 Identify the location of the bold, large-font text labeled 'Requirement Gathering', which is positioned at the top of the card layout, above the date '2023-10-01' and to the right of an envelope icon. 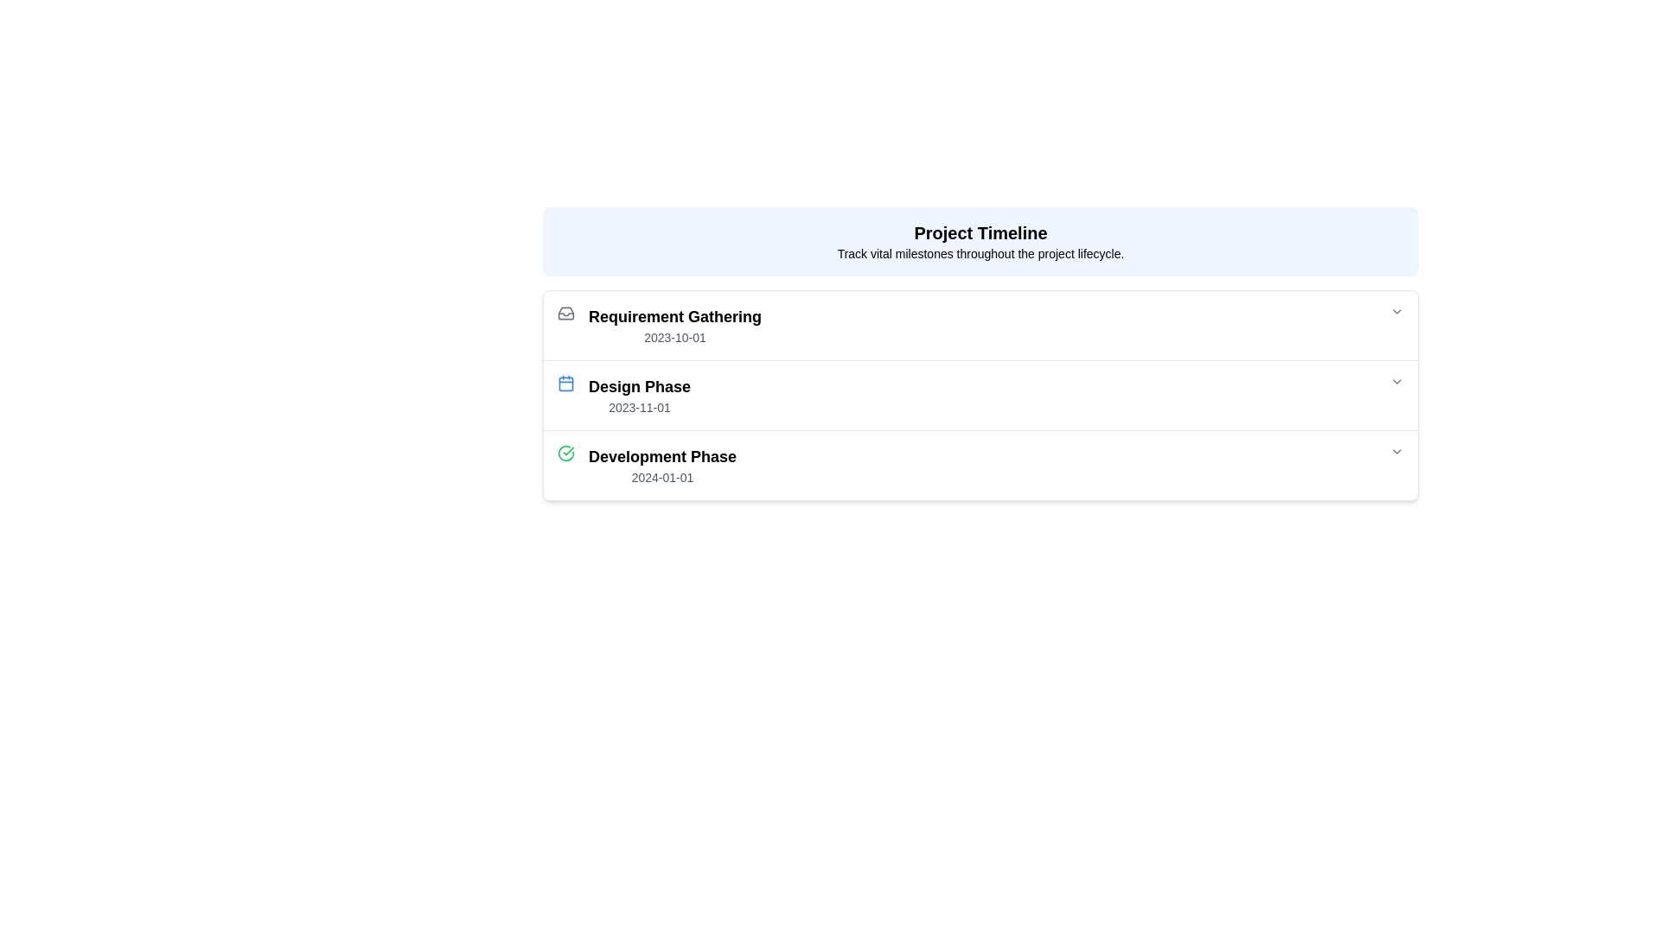
(674, 316).